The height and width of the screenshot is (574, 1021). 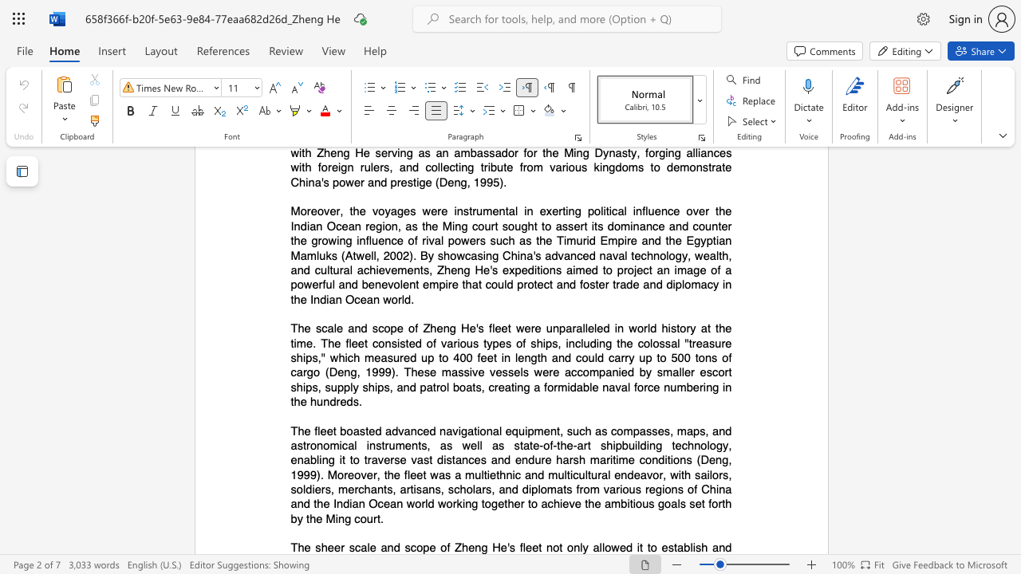 What do you see at coordinates (671, 504) in the screenshot?
I see `the space between the continuous character "o" and "a" in the text` at bounding box center [671, 504].